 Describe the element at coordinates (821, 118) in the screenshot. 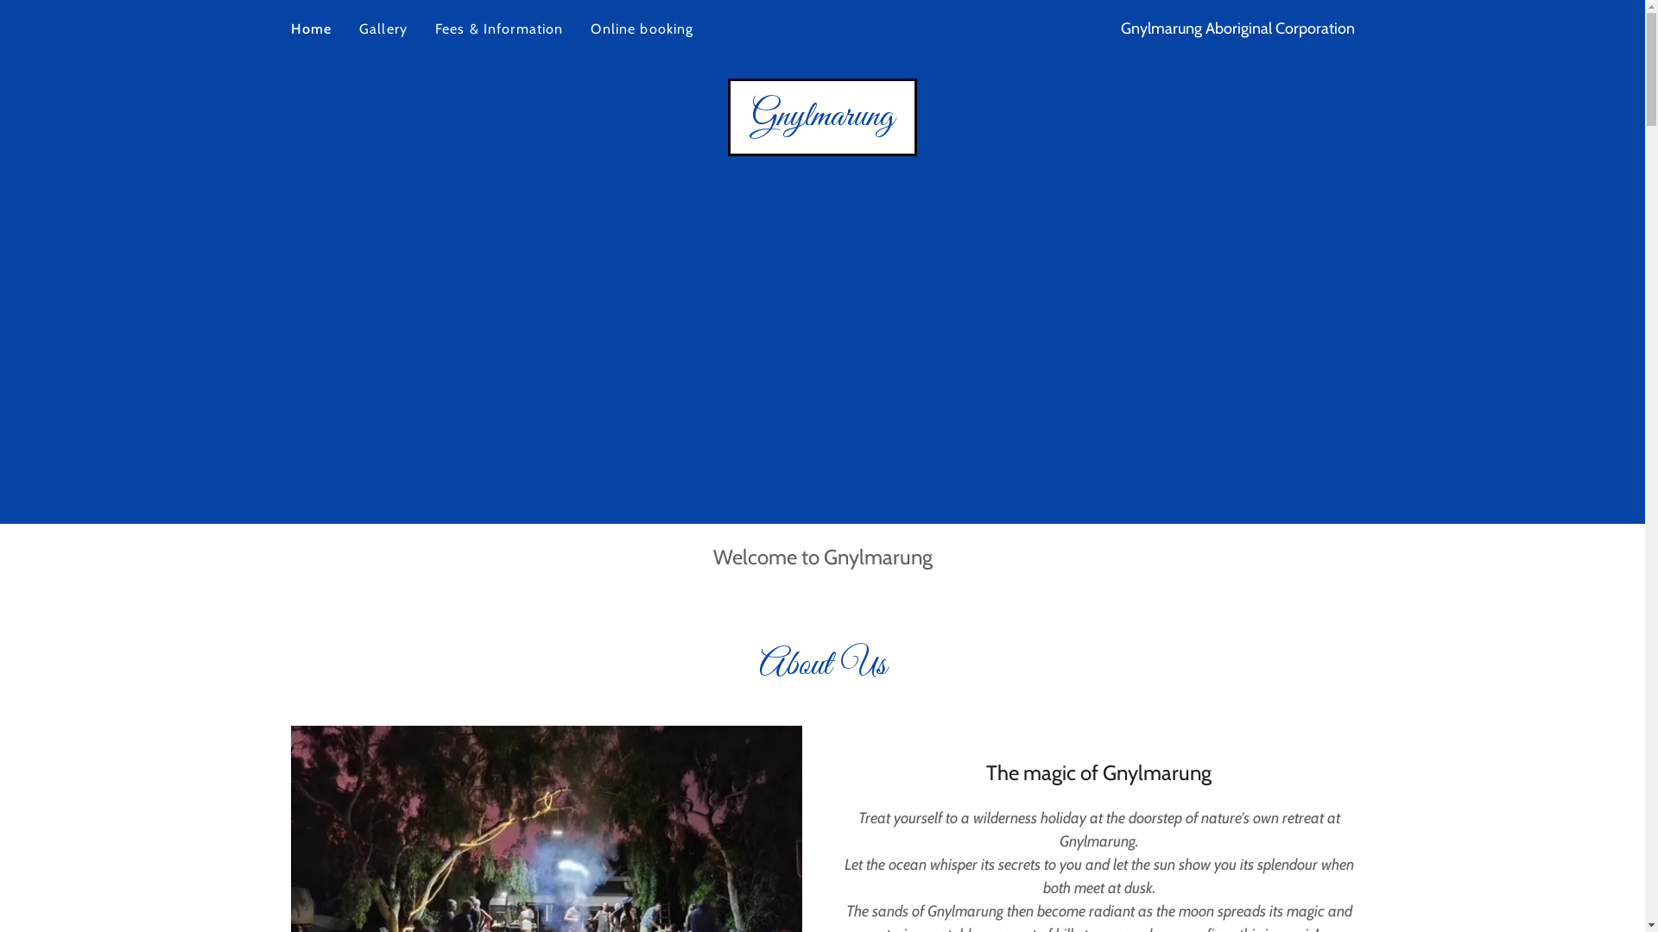

I see `'Gnylmarung'` at that location.